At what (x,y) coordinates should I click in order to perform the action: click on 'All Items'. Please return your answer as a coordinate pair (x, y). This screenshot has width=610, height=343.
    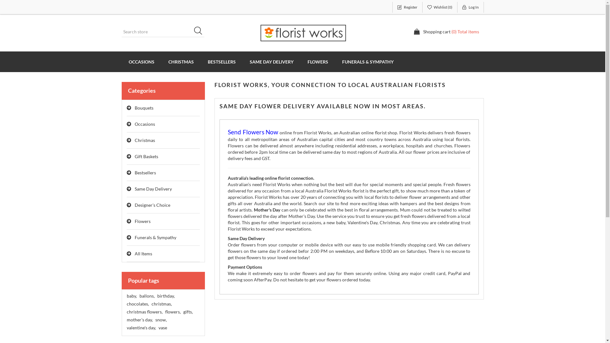
    Looking at the image, I should click on (163, 253).